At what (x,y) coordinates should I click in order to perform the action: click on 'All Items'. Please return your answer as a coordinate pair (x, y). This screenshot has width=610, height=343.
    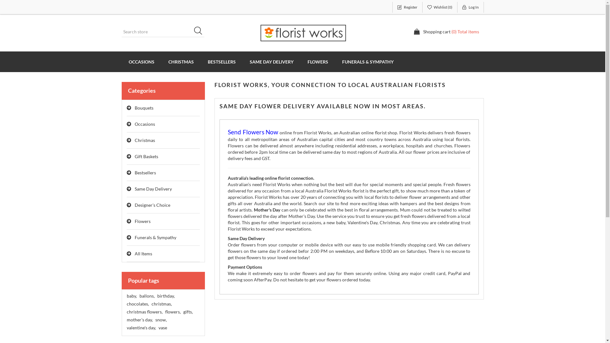
    Looking at the image, I should click on (163, 253).